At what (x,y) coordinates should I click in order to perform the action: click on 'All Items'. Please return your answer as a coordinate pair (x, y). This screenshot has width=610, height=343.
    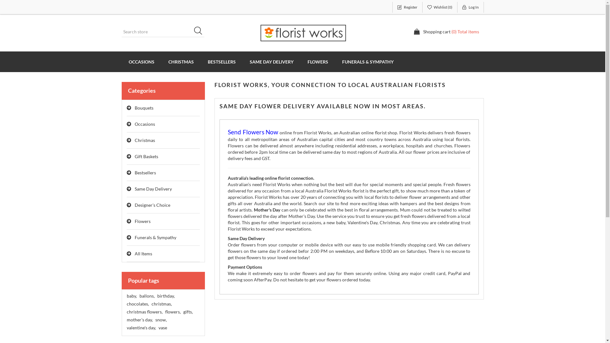
    Looking at the image, I should click on (163, 253).